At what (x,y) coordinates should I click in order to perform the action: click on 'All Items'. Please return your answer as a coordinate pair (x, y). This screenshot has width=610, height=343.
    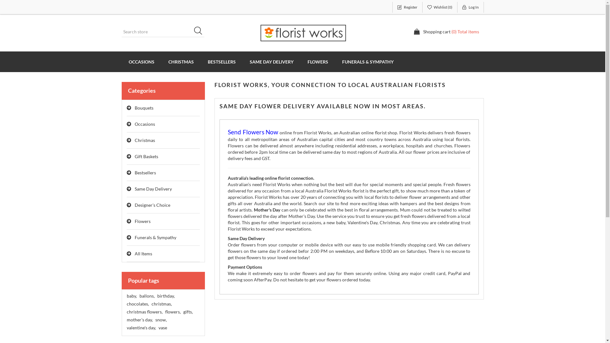
    Looking at the image, I should click on (163, 253).